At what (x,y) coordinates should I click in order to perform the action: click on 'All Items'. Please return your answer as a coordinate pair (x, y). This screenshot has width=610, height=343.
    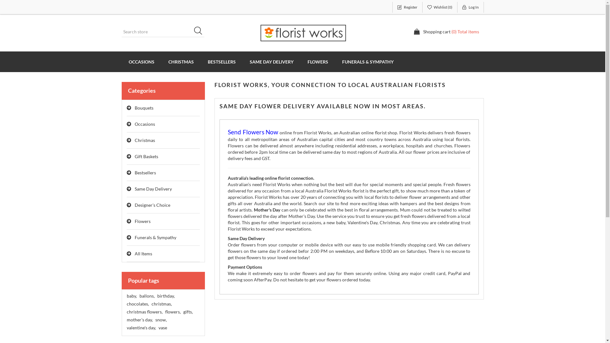
    Looking at the image, I should click on (163, 253).